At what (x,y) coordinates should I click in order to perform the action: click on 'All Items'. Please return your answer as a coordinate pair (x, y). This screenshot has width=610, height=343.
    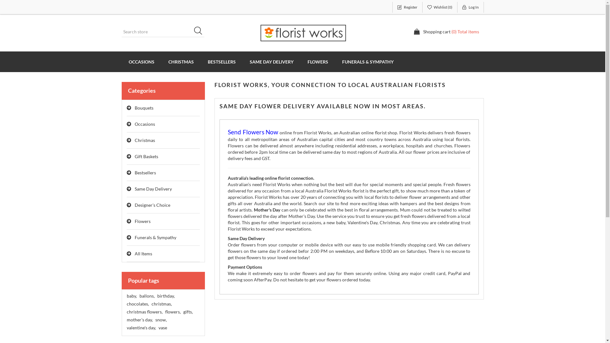
    Looking at the image, I should click on (163, 253).